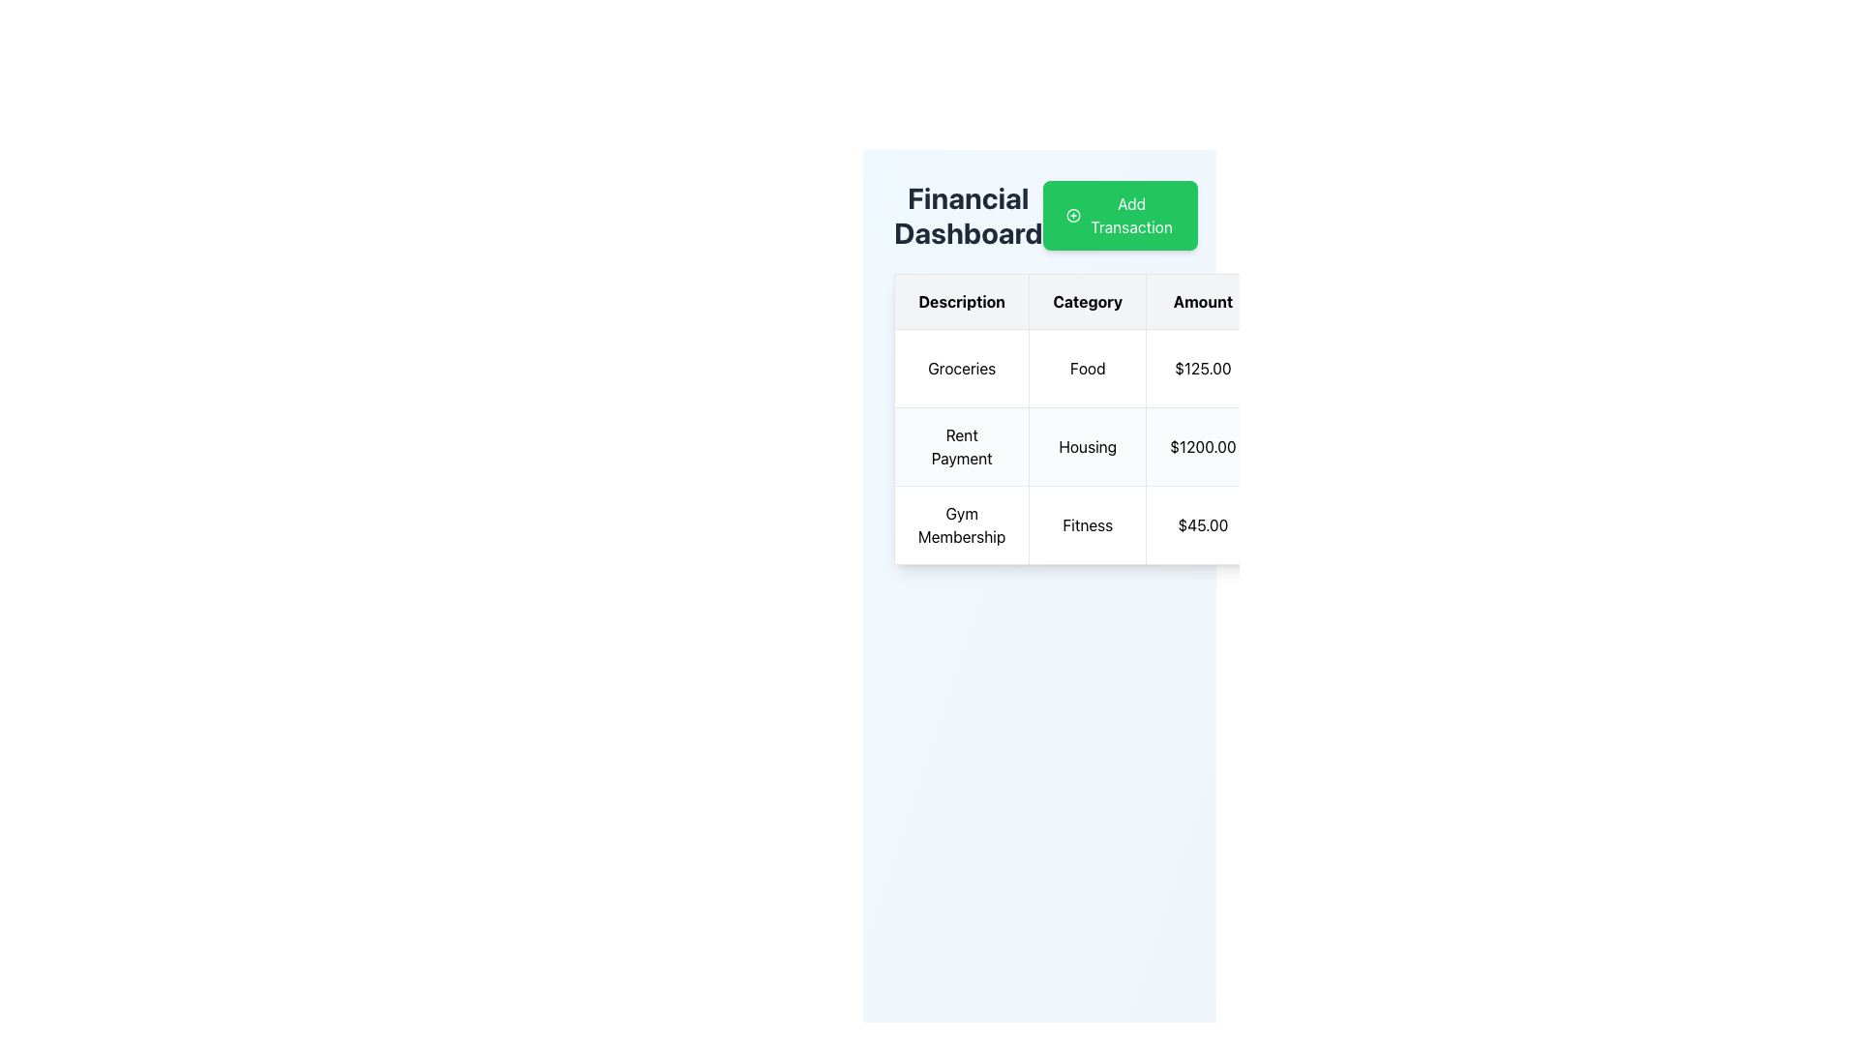 The width and height of the screenshot is (1858, 1045). I want to click on the add icon located on the left side of the 'Add Transaction' button, so click(1072, 216).